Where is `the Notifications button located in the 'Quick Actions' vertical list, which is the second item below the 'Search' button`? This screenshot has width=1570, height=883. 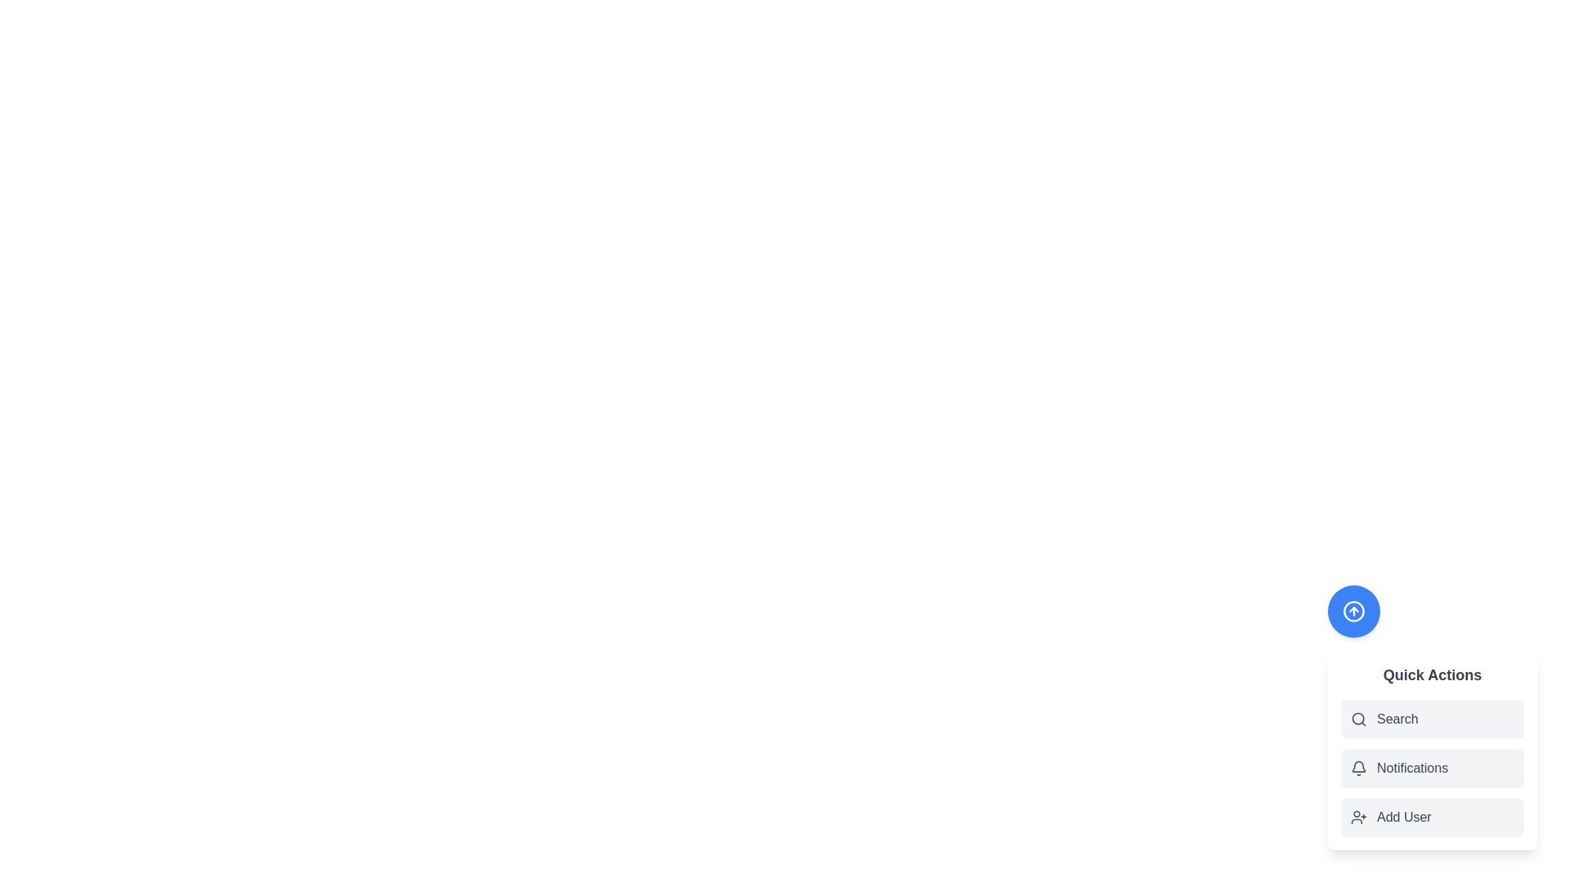
the Notifications button located in the 'Quick Actions' vertical list, which is the second item below the 'Search' button is located at coordinates (1432, 769).